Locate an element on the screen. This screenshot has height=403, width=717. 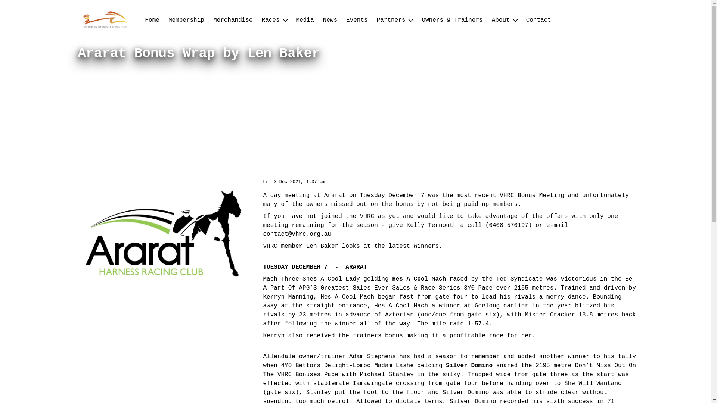
'Races' is located at coordinates (274, 20).